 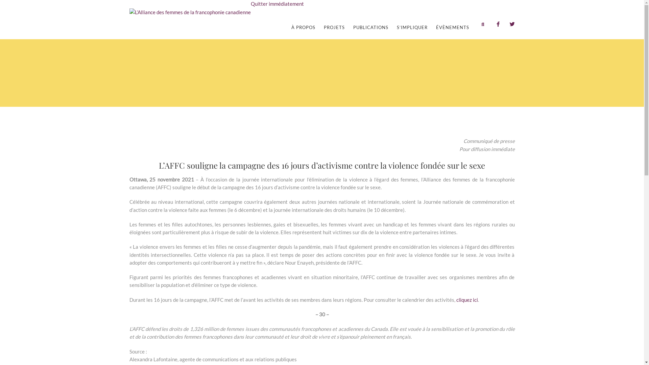 I want to click on 'cliquez ici', so click(x=467, y=299).